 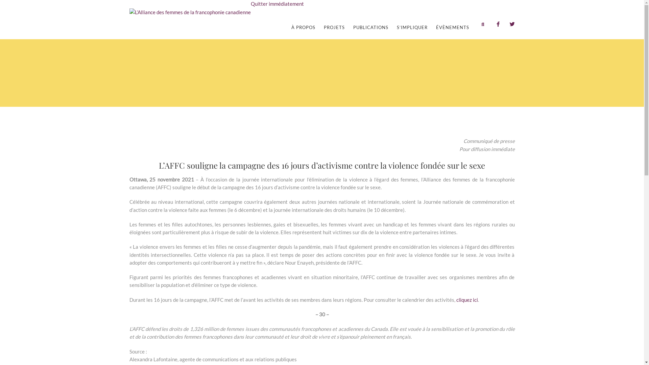 I want to click on 'cliquez ici', so click(x=467, y=299).